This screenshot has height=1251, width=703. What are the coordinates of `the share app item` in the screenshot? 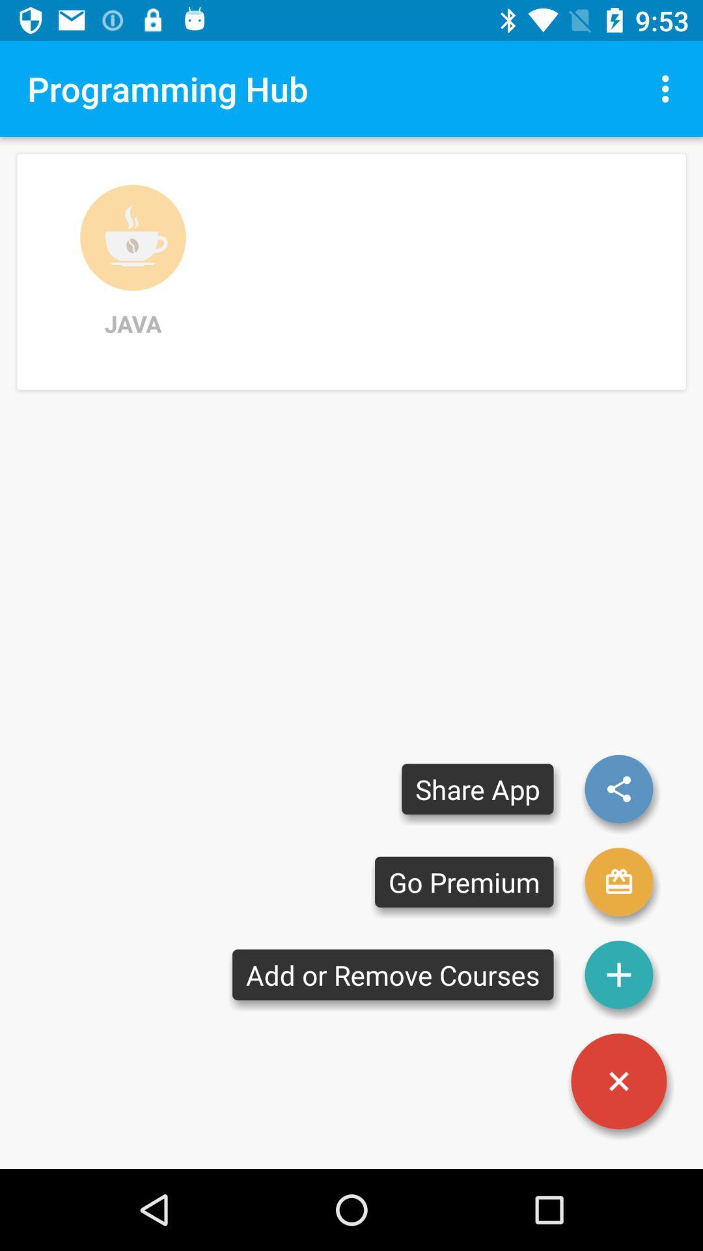 It's located at (477, 788).